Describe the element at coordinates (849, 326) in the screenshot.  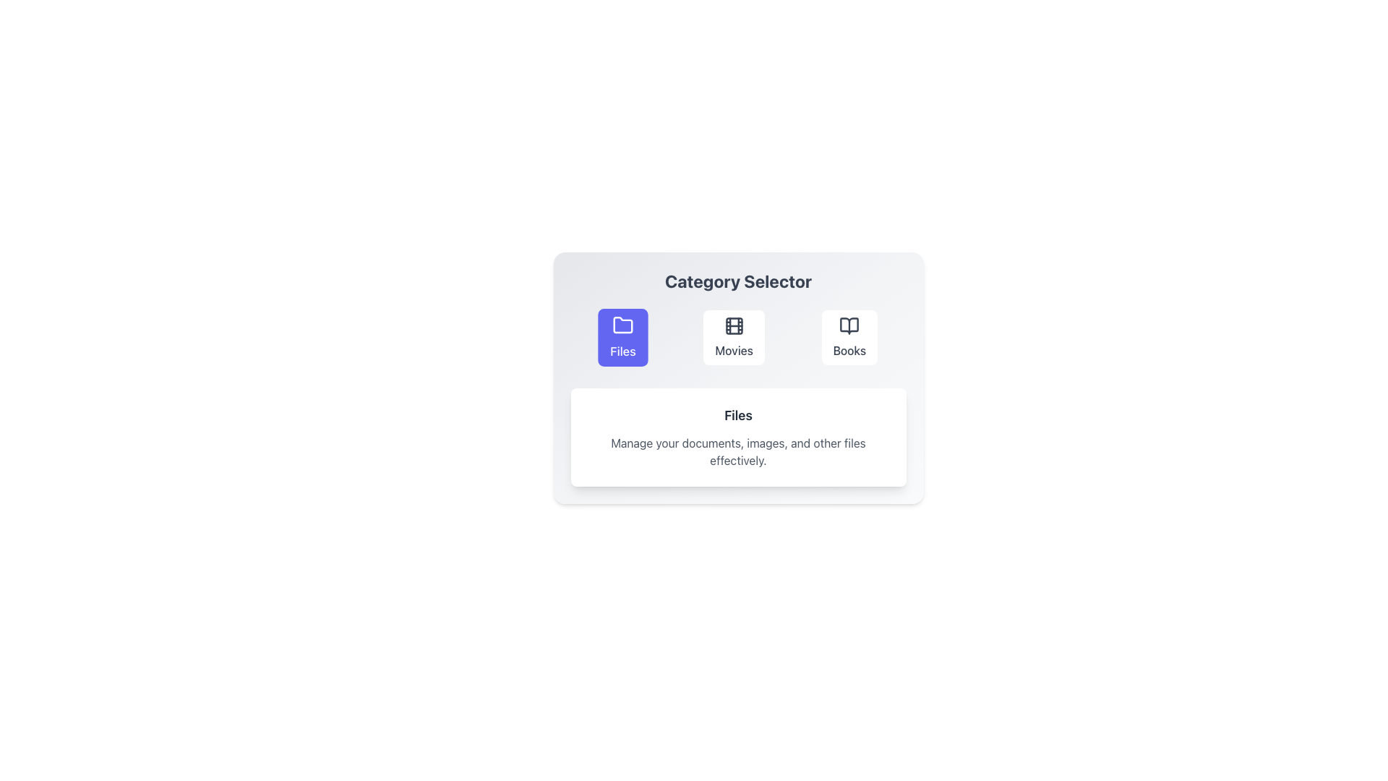
I see `the book icon in the 'Books' category card, which is styled with a thin outline and has a central vertical separation, located at the center coordinates provided` at that location.